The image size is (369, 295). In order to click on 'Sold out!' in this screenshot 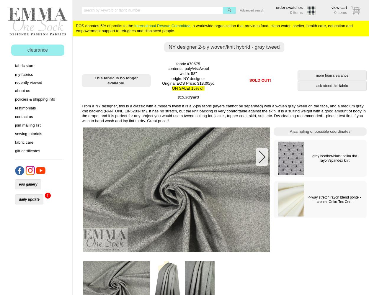, I will do `click(260, 80)`.